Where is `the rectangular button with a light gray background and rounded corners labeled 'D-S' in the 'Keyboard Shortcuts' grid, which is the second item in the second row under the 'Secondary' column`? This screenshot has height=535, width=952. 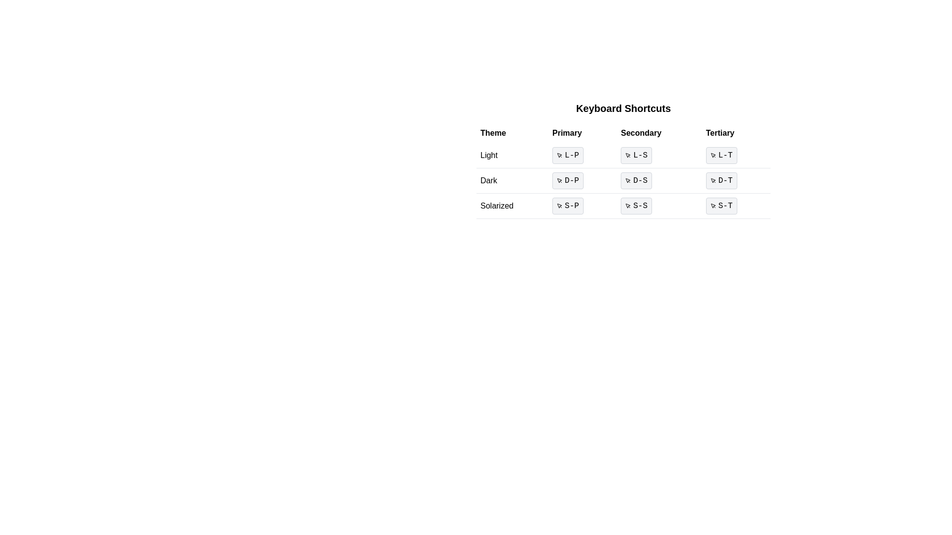
the rectangular button with a light gray background and rounded corners labeled 'D-S' in the 'Keyboard Shortcuts' grid, which is the second item in the second row under the 'Secondary' column is located at coordinates (636, 181).